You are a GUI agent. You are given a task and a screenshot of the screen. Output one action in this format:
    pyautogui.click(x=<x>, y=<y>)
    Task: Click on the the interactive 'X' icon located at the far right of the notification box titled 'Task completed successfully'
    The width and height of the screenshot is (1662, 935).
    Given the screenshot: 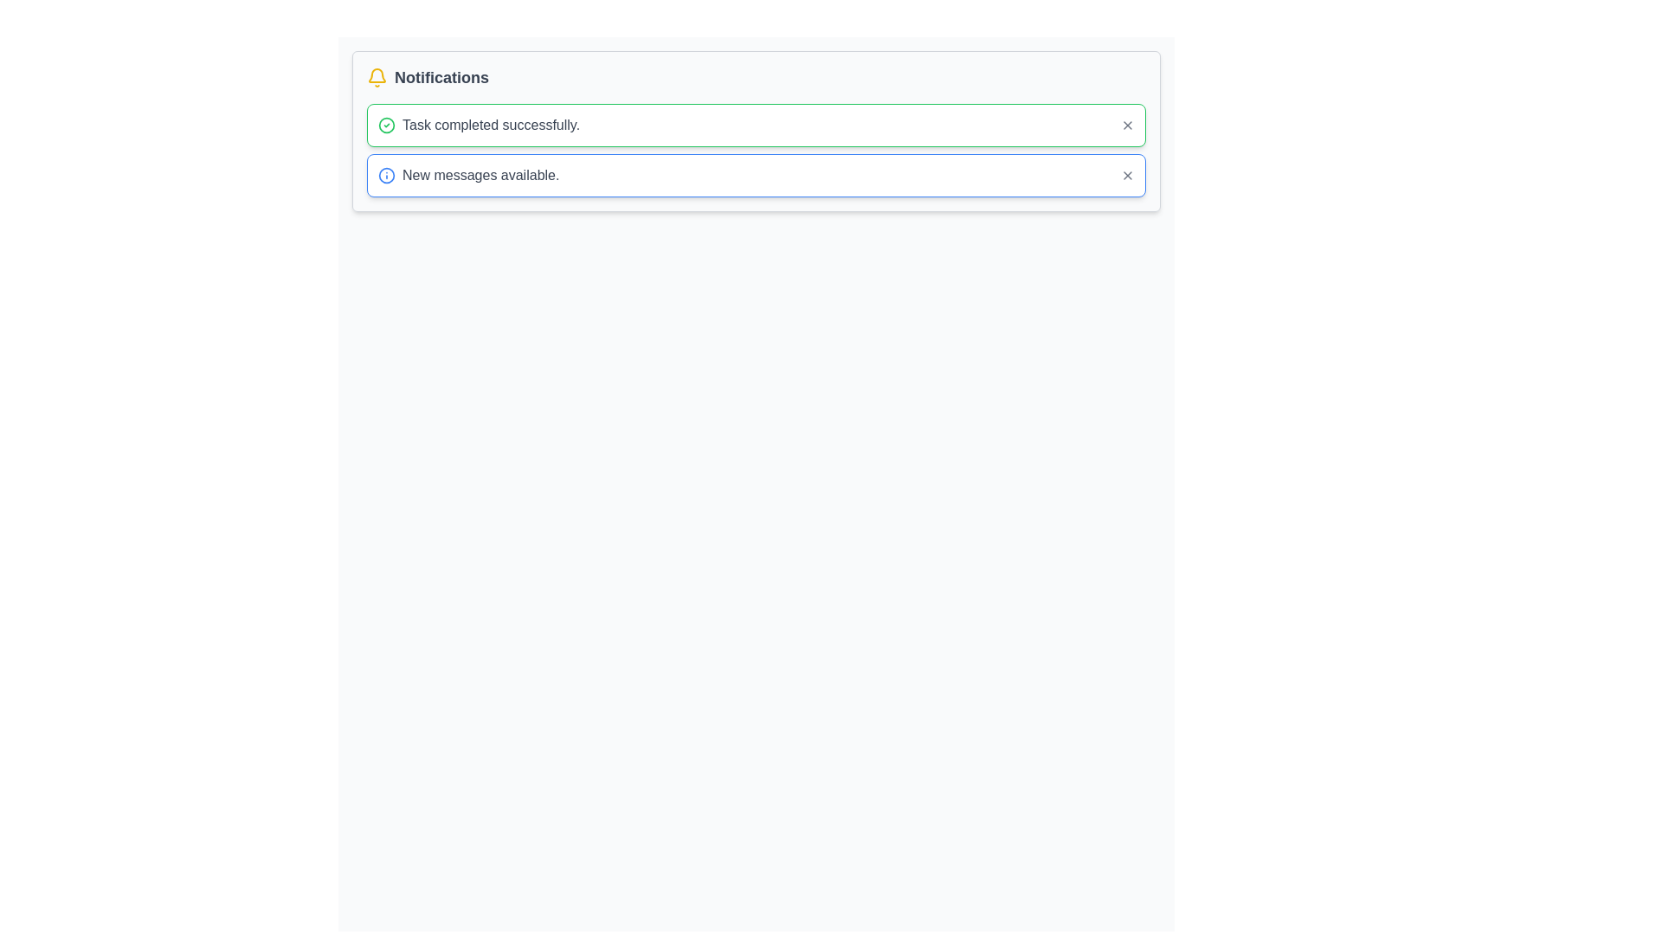 What is the action you would take?
    pyautogui.click(x=1127, y=125)
    